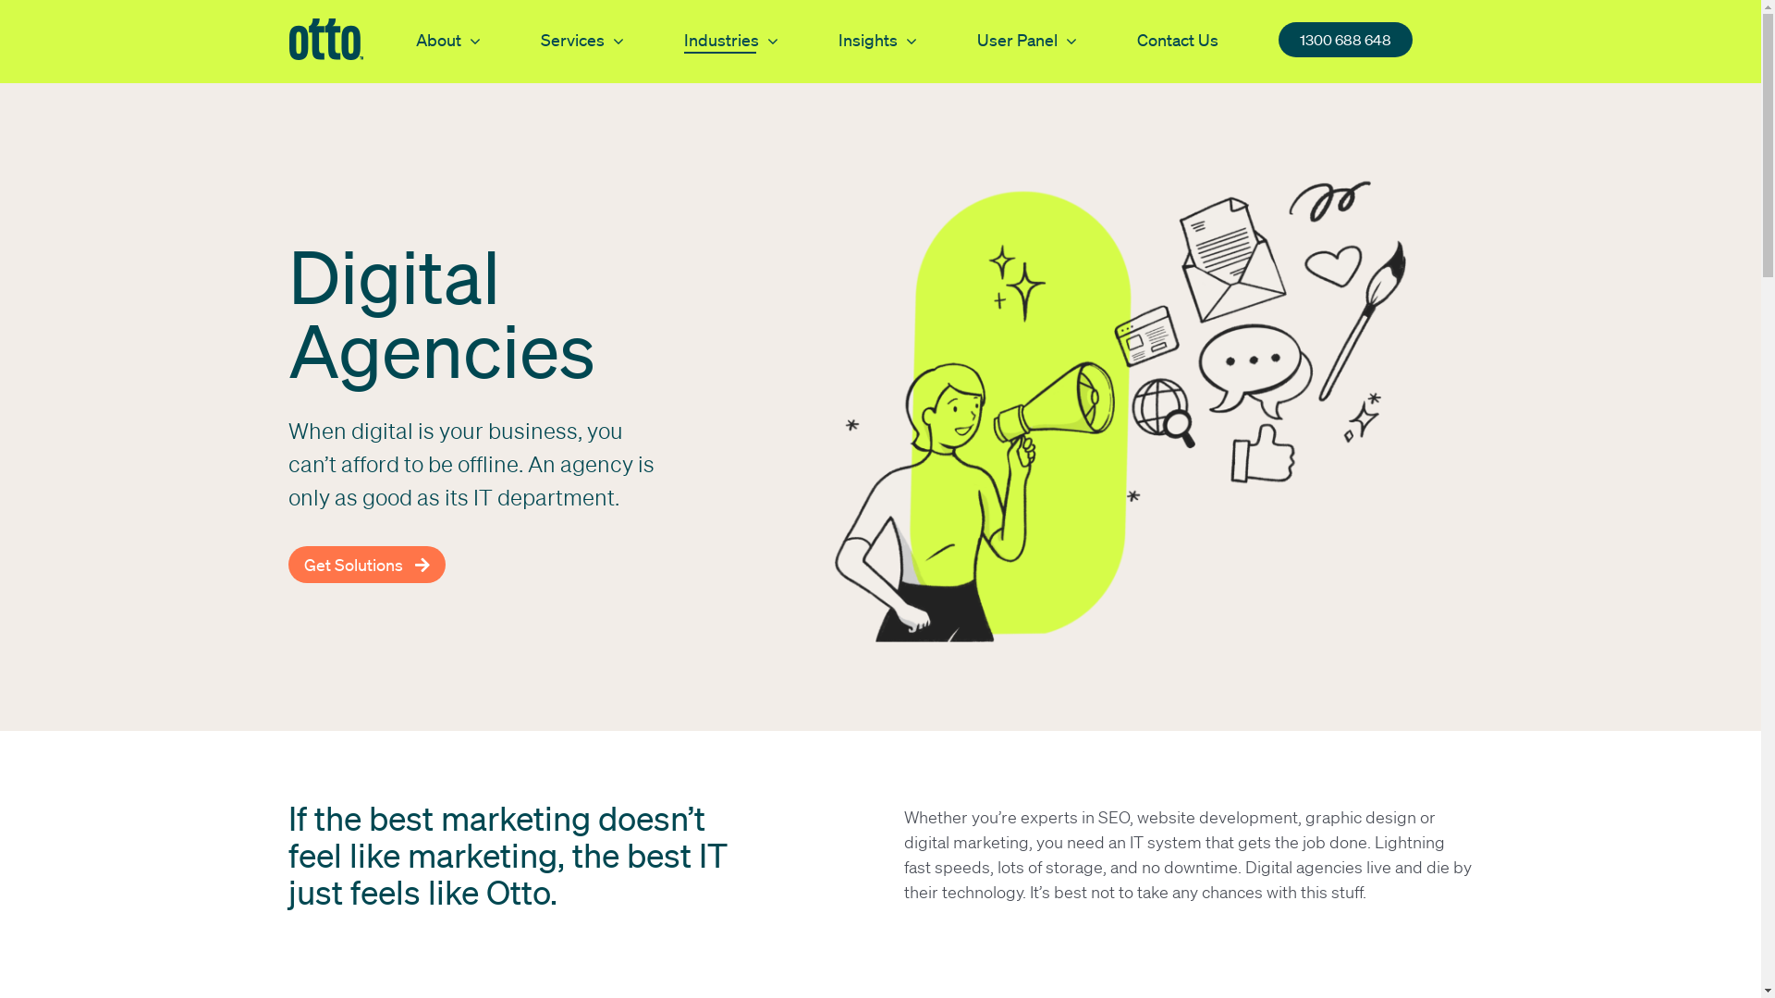 The image size is (1775, 998). What do you see at coordinates (682, 39) in the screenshot?
I see `'Industries'` at bounding box center [682, 39].